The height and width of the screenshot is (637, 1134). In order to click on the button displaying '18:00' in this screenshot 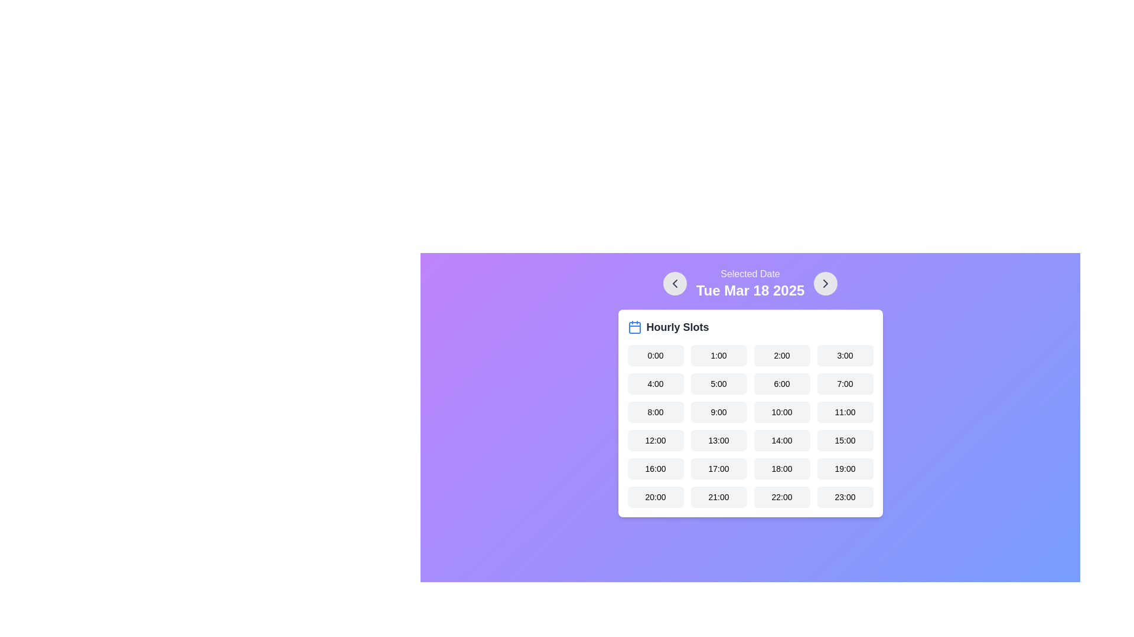, I will do `click(782, 468)`.